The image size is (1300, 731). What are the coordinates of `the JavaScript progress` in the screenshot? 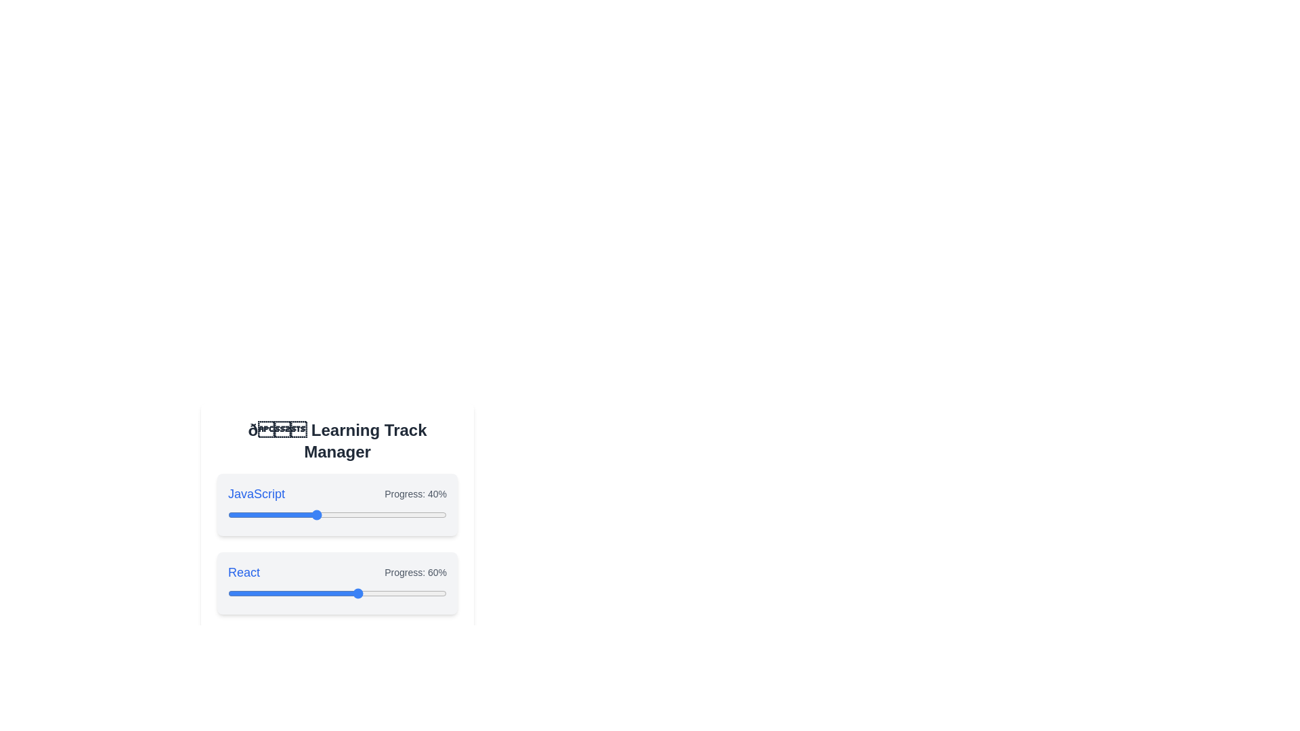 It's located at (359, 514).